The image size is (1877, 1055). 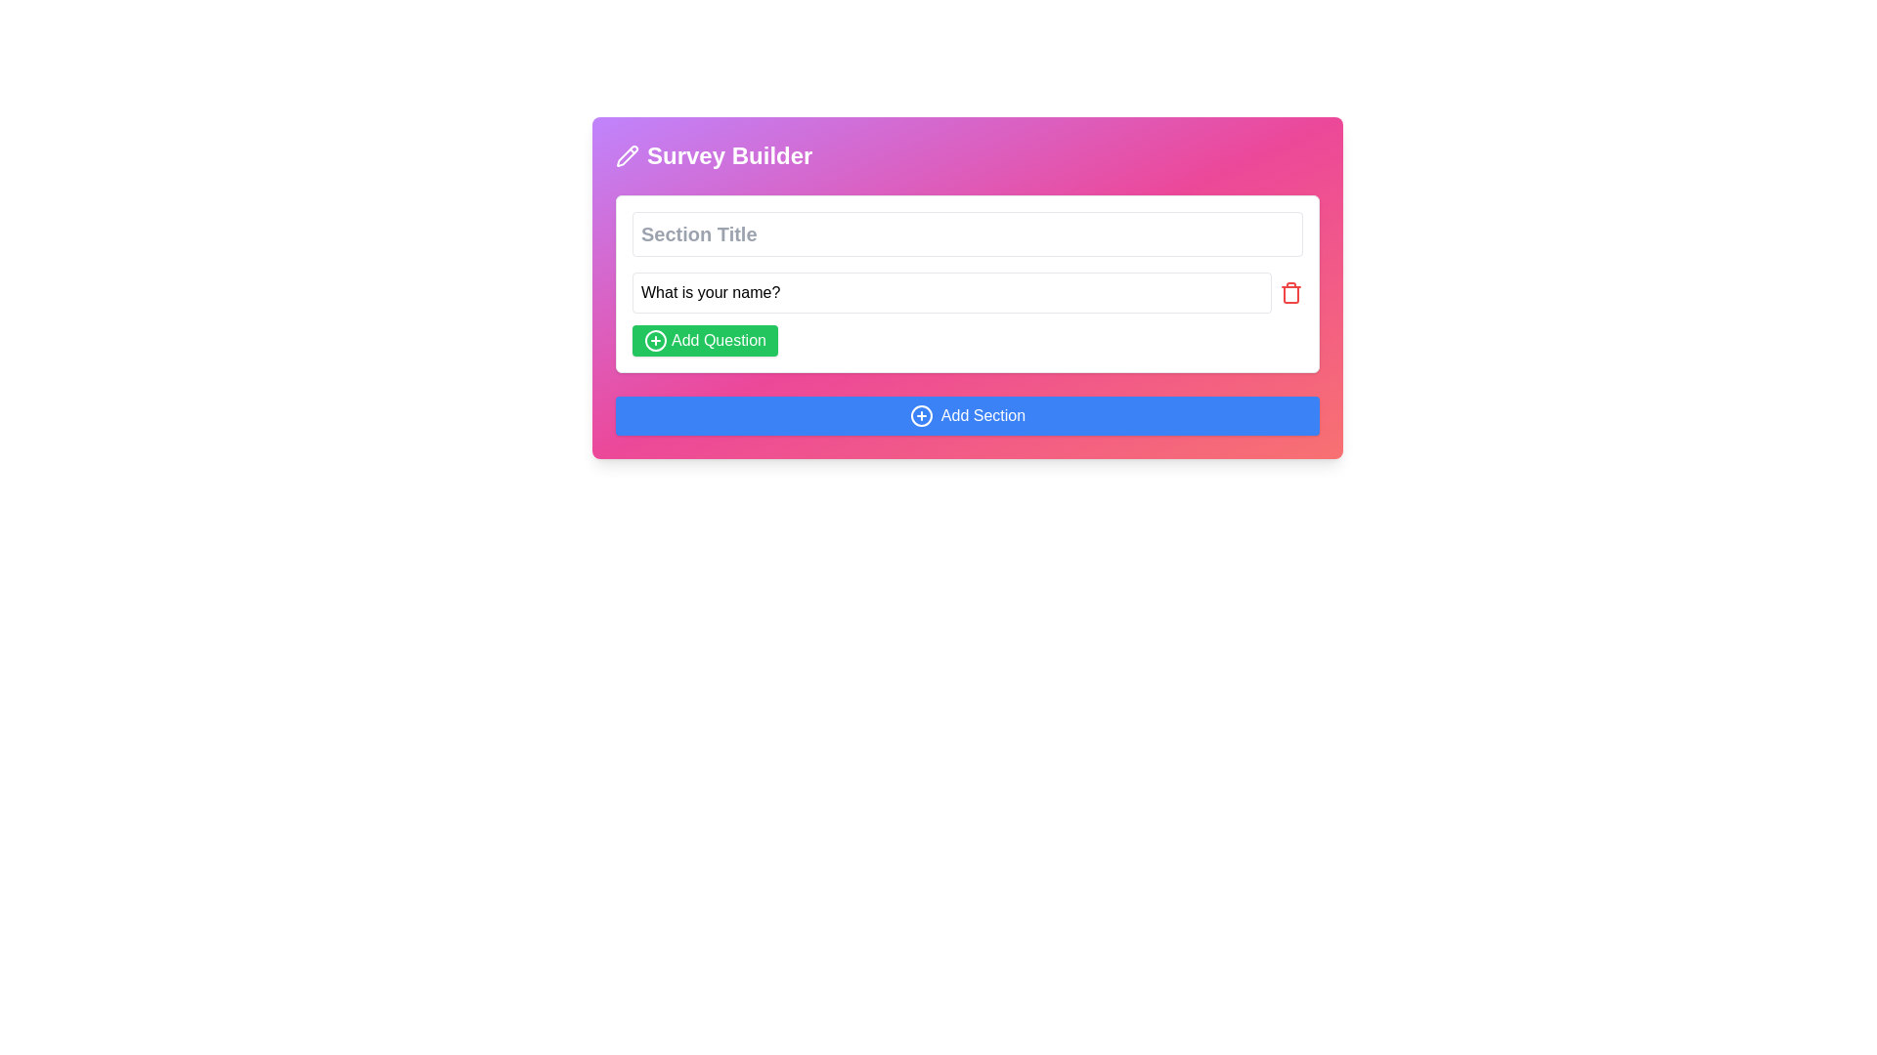 I want to click on the trash bin icon located to the right of the 'What is your name?' text input field, so click(x=1290, y=293).